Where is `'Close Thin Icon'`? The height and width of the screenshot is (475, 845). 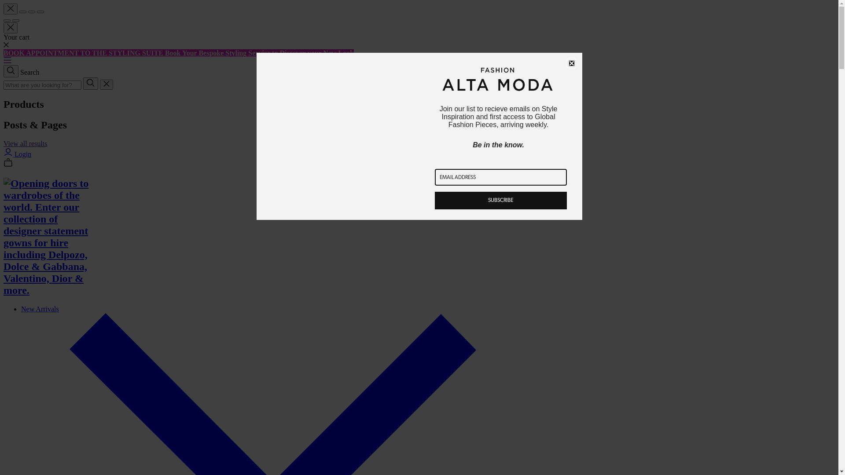 'Close Thin Icon' is located at coordinates (11, 9).